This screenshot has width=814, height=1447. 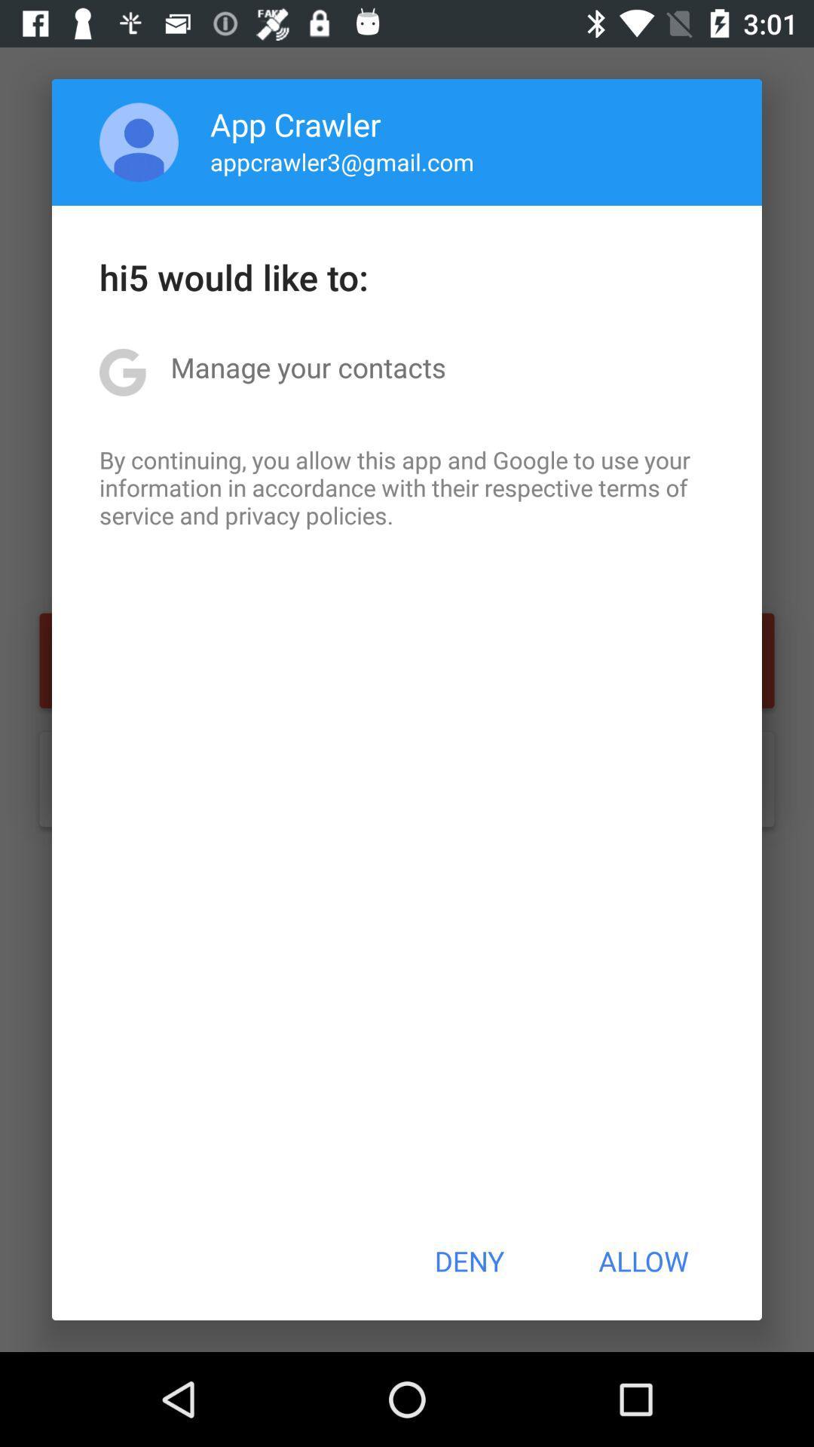 I want to click on item to the left of the app crawler, so click(x=139, y=142).